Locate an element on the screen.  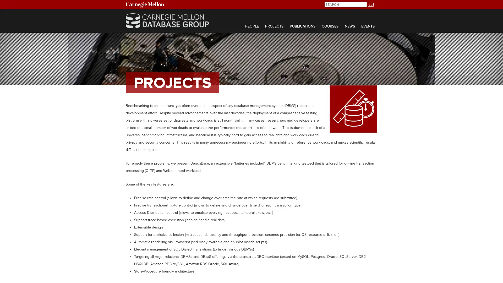
Go is located at coordinates (370, 4).